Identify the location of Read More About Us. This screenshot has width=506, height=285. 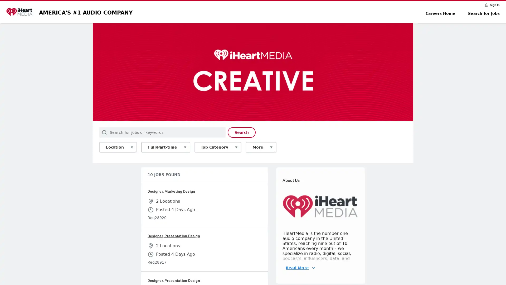
(298, 268).